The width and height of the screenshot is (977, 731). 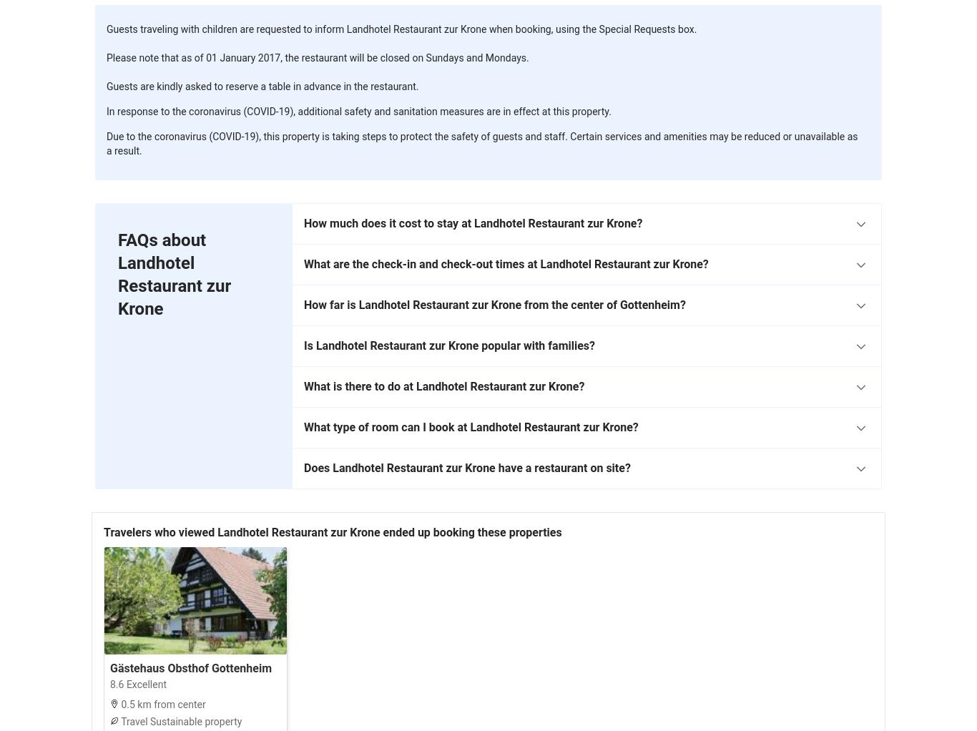 What do you see at coordinates (506, 263) in the screenshot?
I see `'What are the check-in and check-out times at Landhotel Restaurant zur Krone?'` at bounding box center [506, 263].